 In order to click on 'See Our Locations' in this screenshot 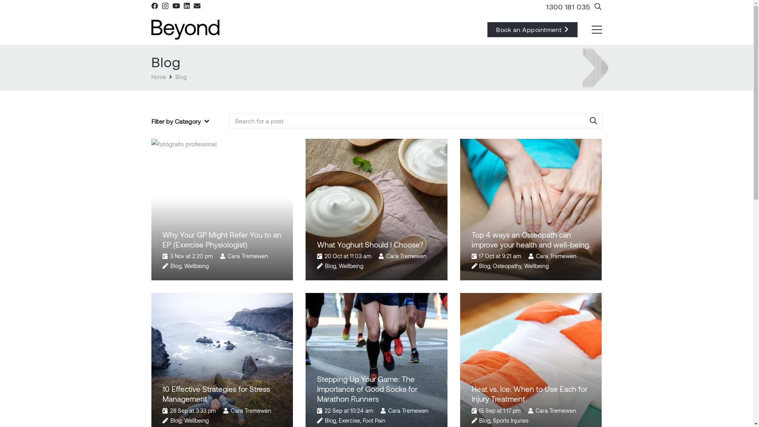, I will do `click(431, 328)`.